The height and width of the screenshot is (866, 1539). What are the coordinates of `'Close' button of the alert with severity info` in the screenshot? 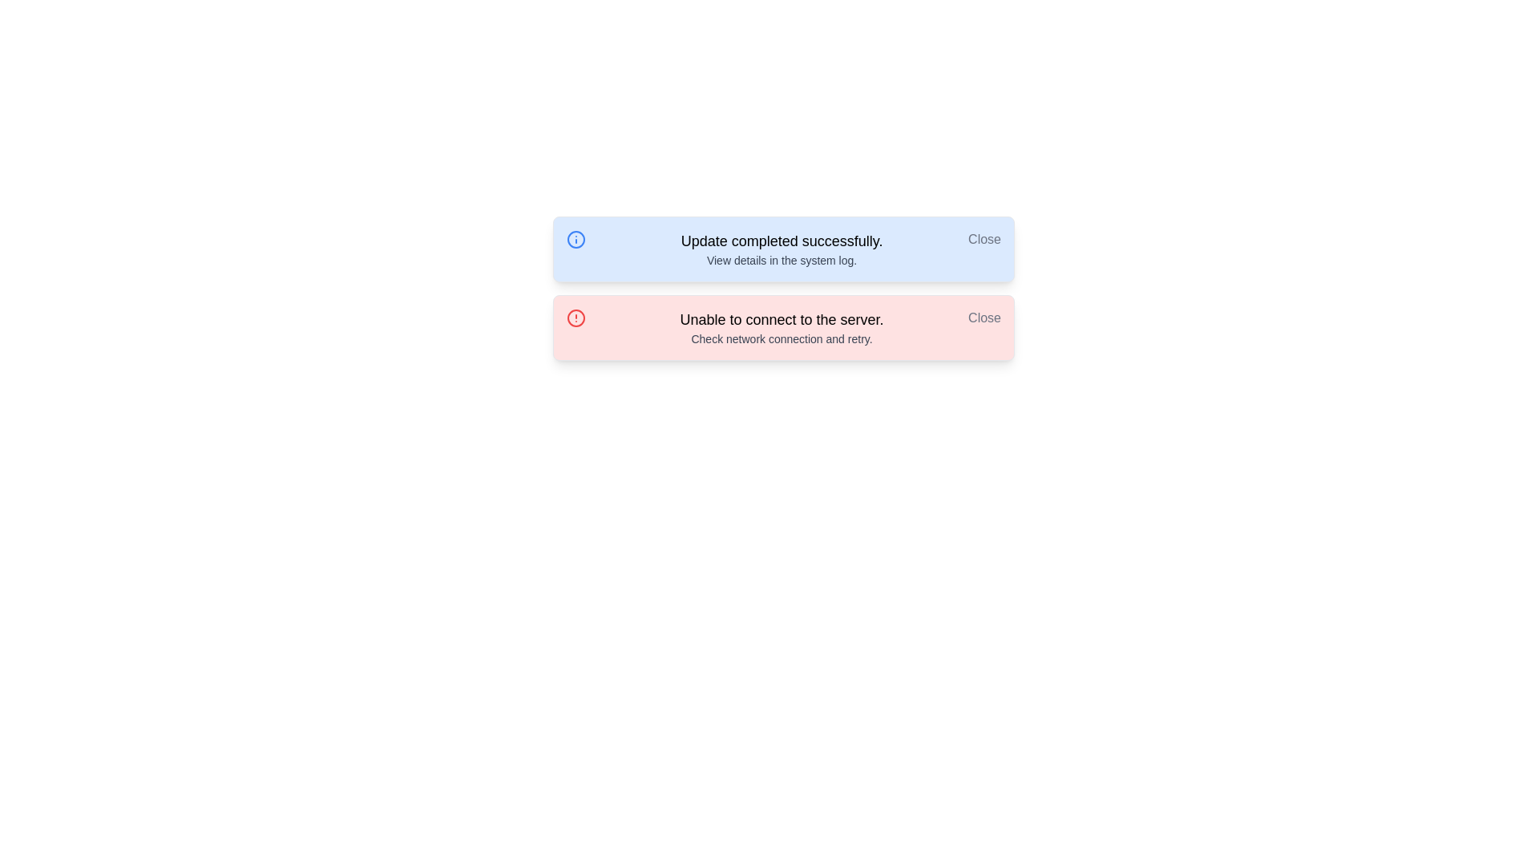 It's located at (984, 240).